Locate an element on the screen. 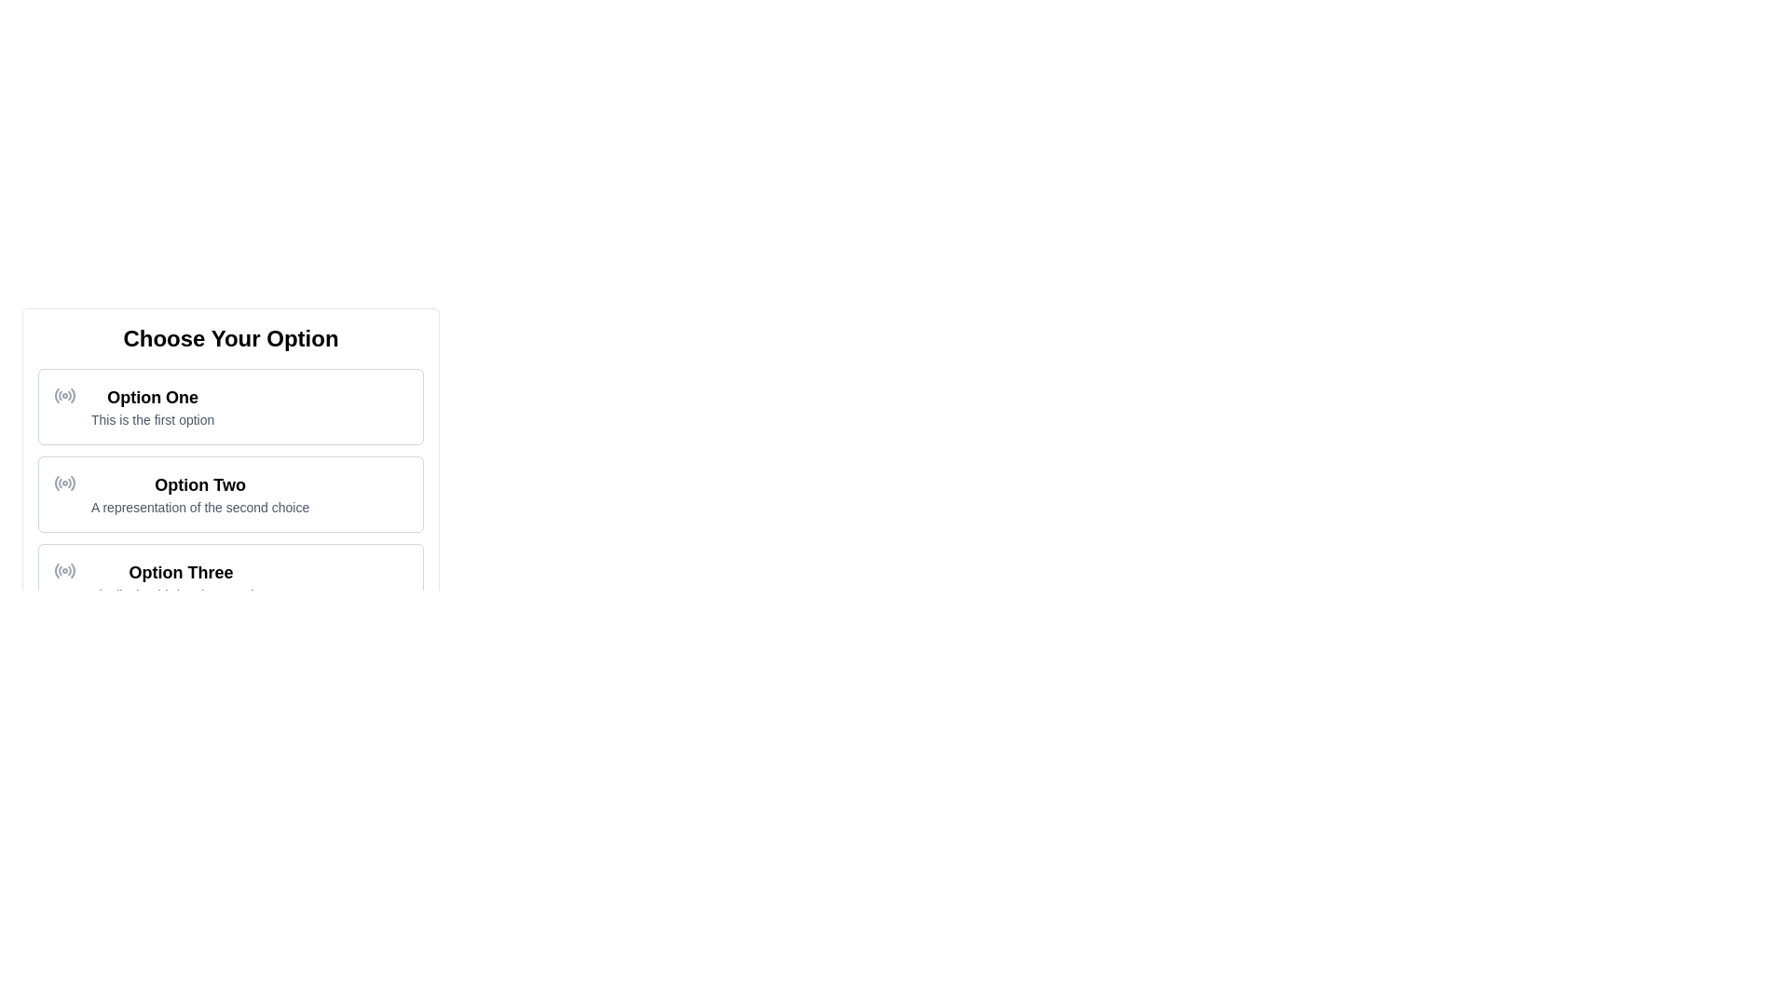  the radio button located next to the 'Option Three' text block in the 'Choose Your Option' list is located at coordinates (65, 570).